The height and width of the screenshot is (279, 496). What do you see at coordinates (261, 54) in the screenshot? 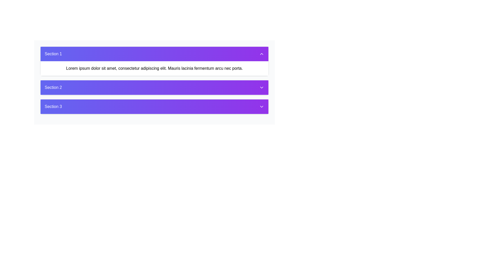
I see `the upward-facing chevron-style arrow icon in the header labeled 'Section 1'` at bounding box center [261, 54].